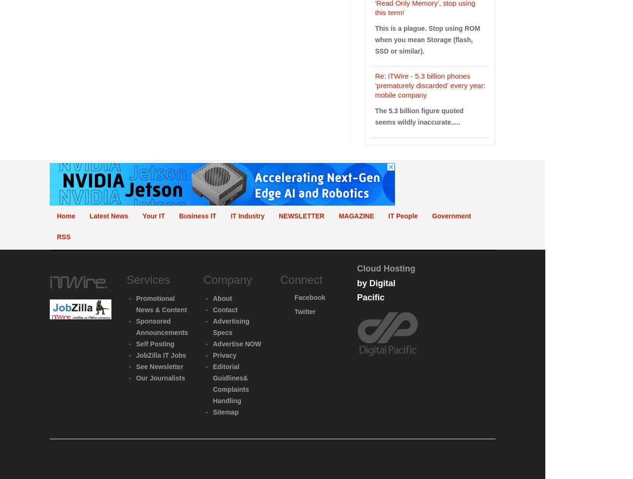 The width and height of the screenshot is (633, 479). What do you see at coordinates (432, 215) in the screenshot?
I see `'Government'` at bounding box center [432, 215].